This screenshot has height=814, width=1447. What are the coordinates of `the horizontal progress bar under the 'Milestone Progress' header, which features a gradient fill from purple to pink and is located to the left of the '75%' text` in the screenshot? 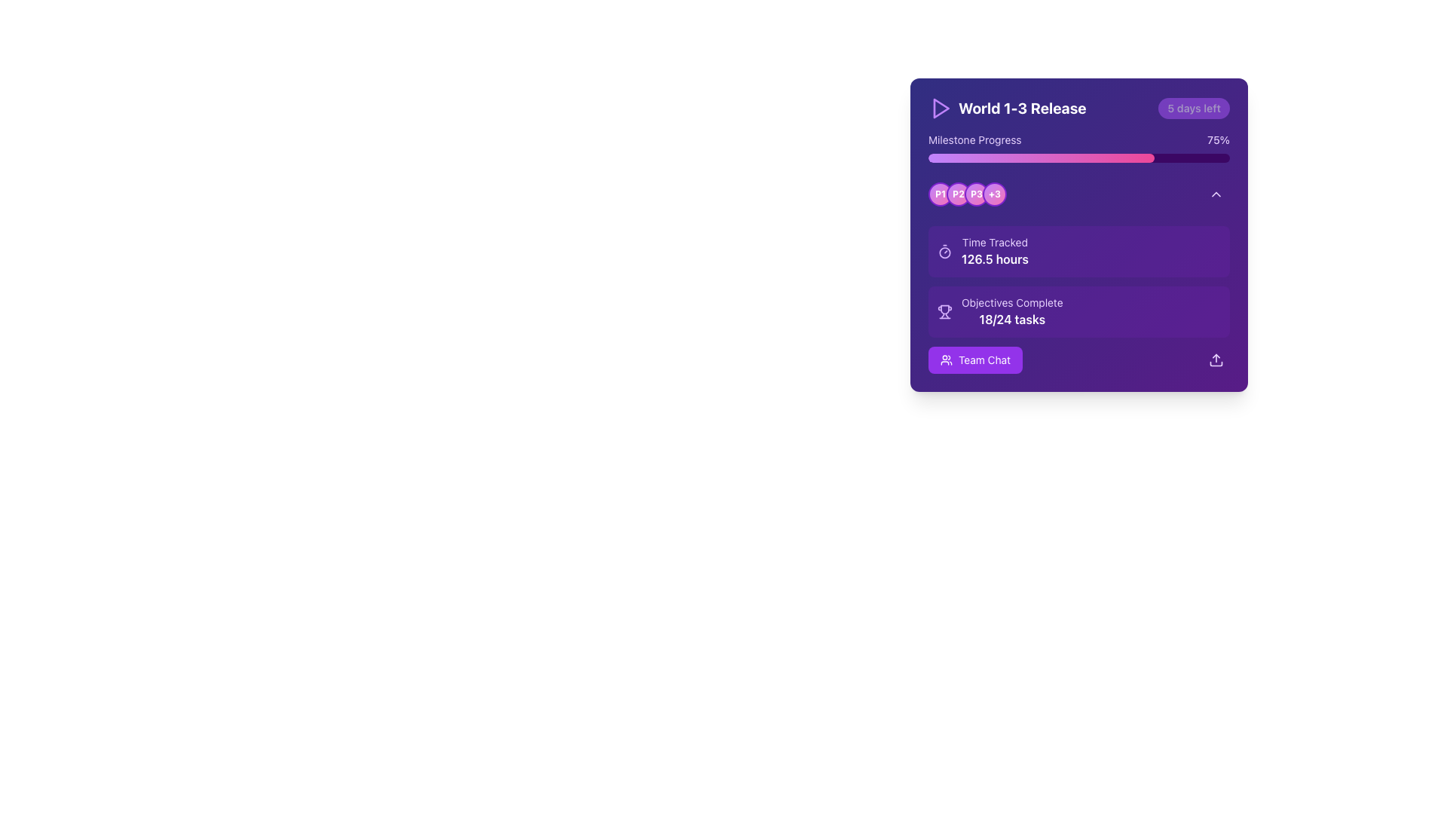 It's located at (1078, 158).